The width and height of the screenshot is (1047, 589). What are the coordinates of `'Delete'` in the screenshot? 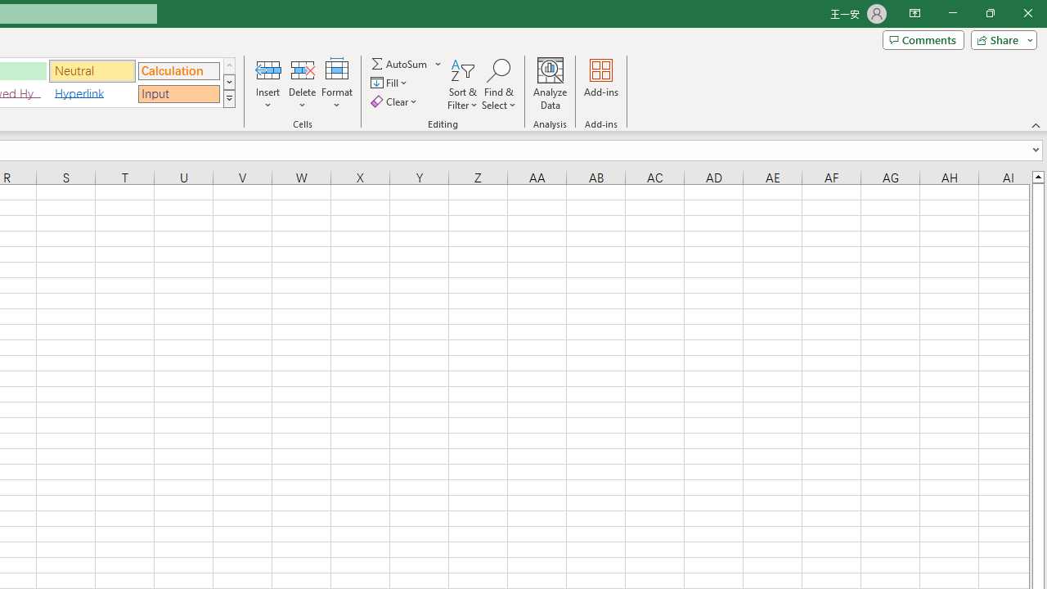 It's located at (302, 84).